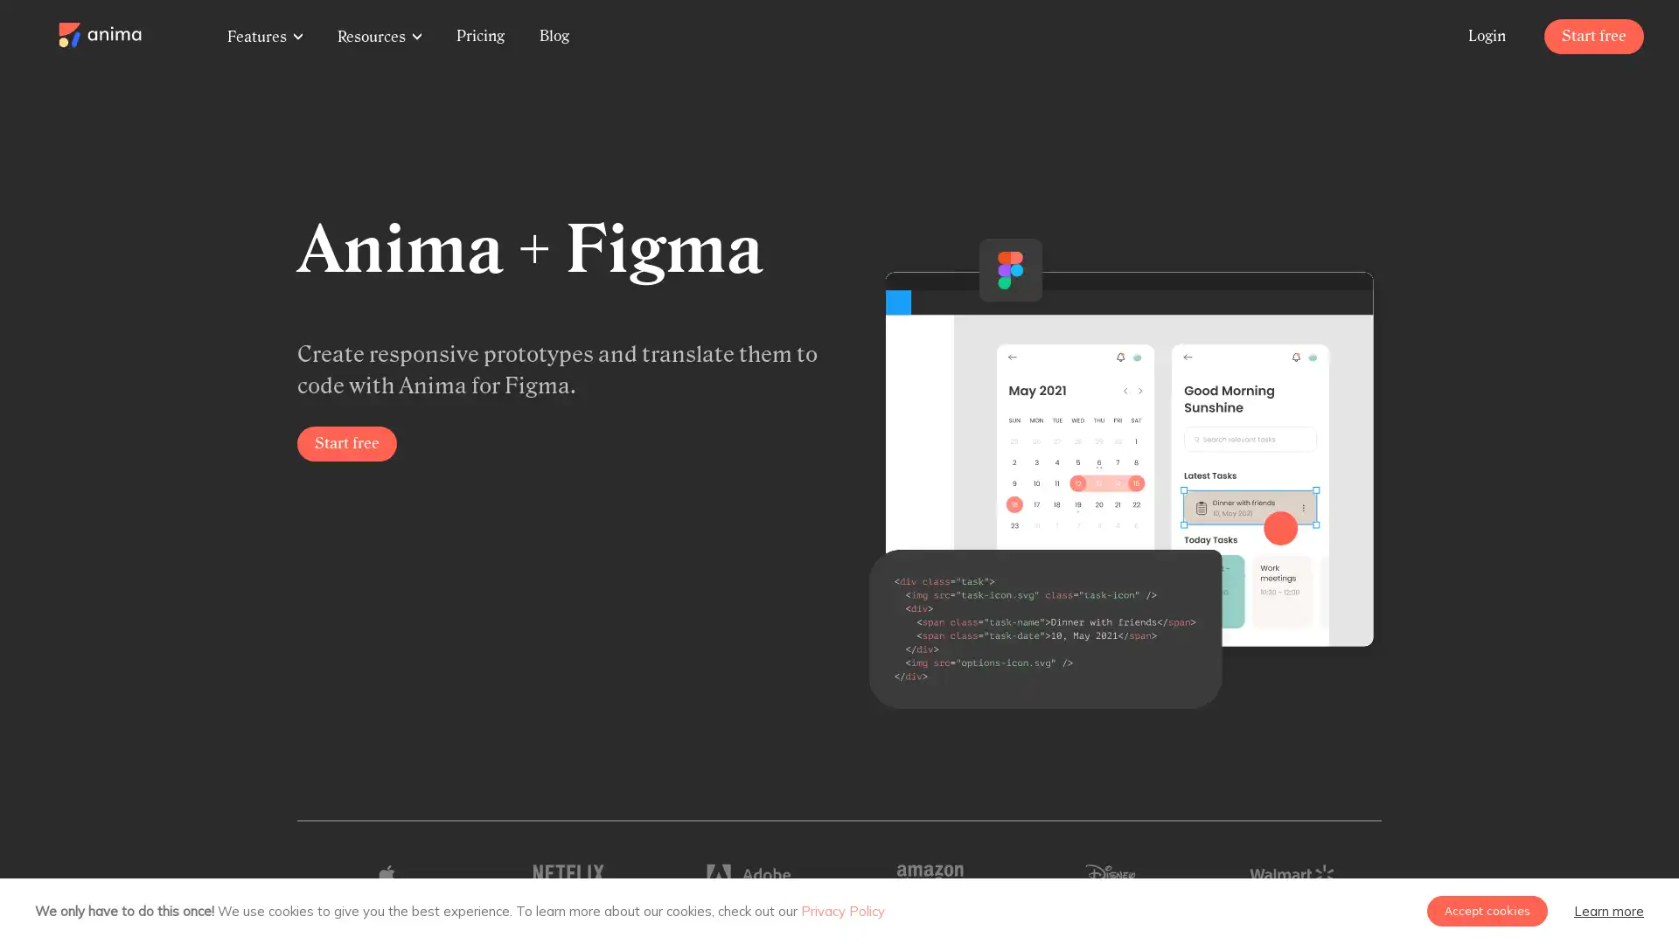 This screenshot has height=944, width=1679. I want to click on Accept cookies, so click(1486, 910).